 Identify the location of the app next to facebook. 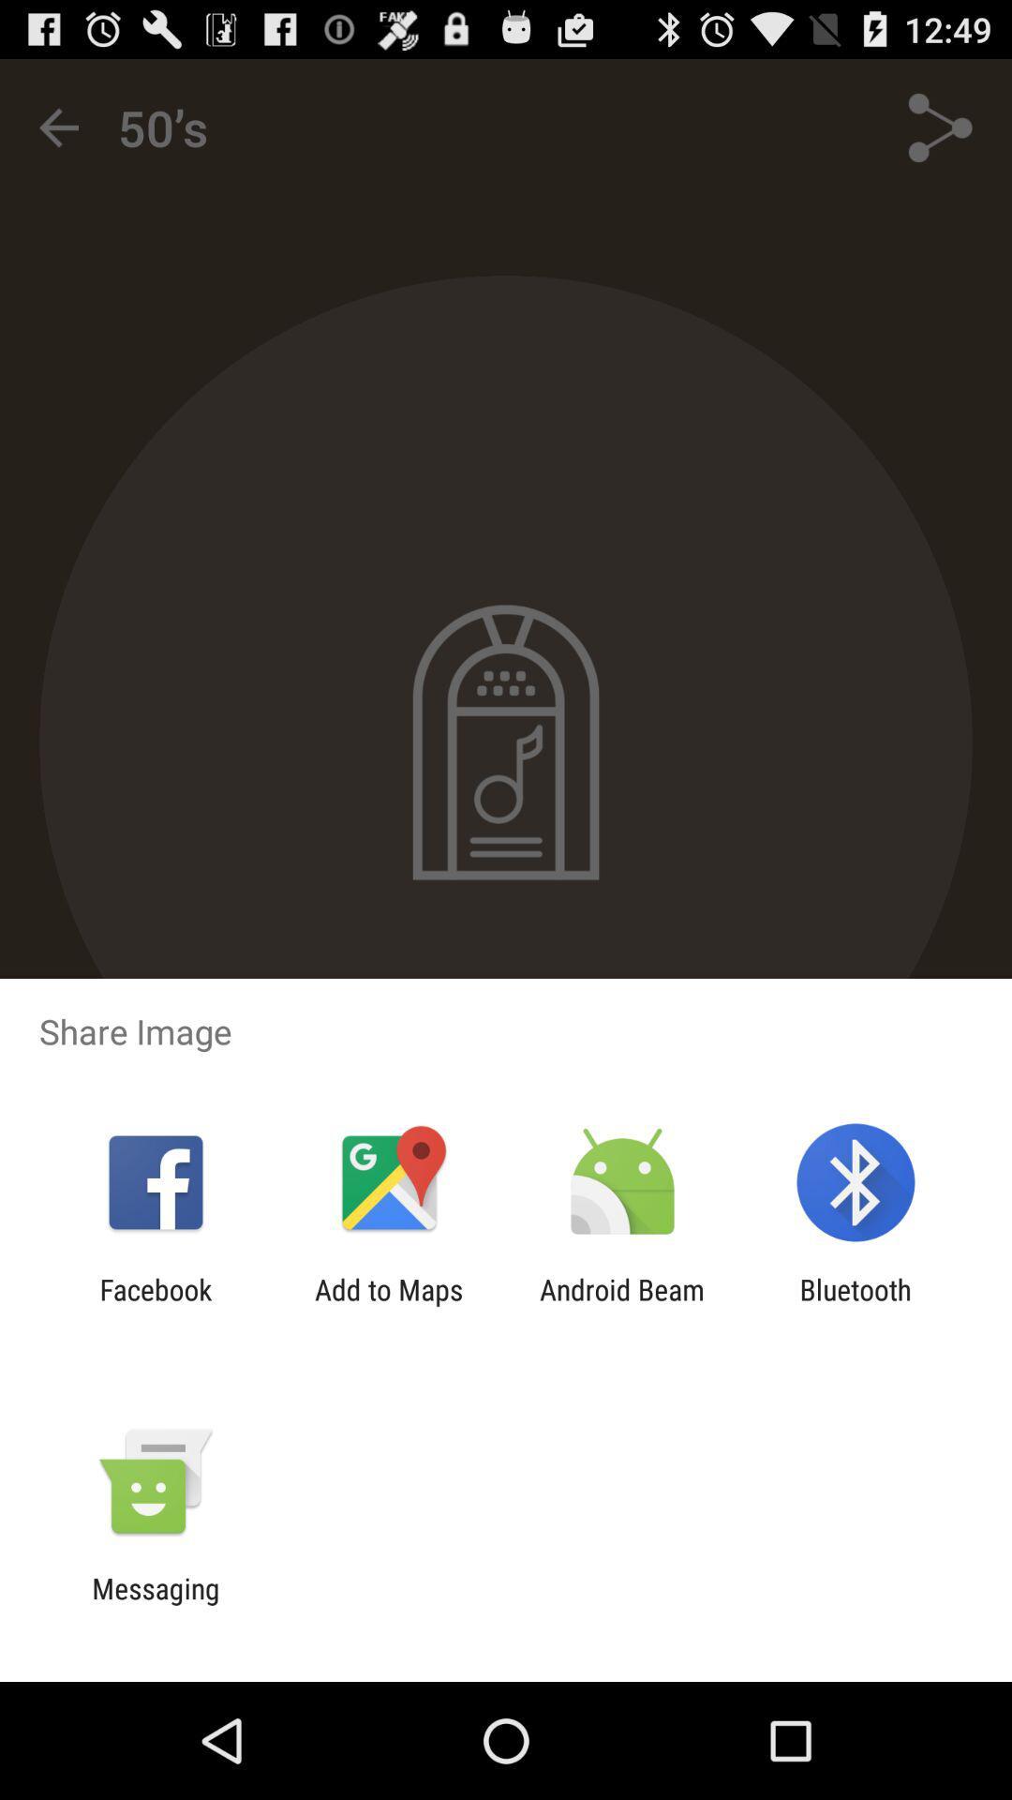
(388, 1305).